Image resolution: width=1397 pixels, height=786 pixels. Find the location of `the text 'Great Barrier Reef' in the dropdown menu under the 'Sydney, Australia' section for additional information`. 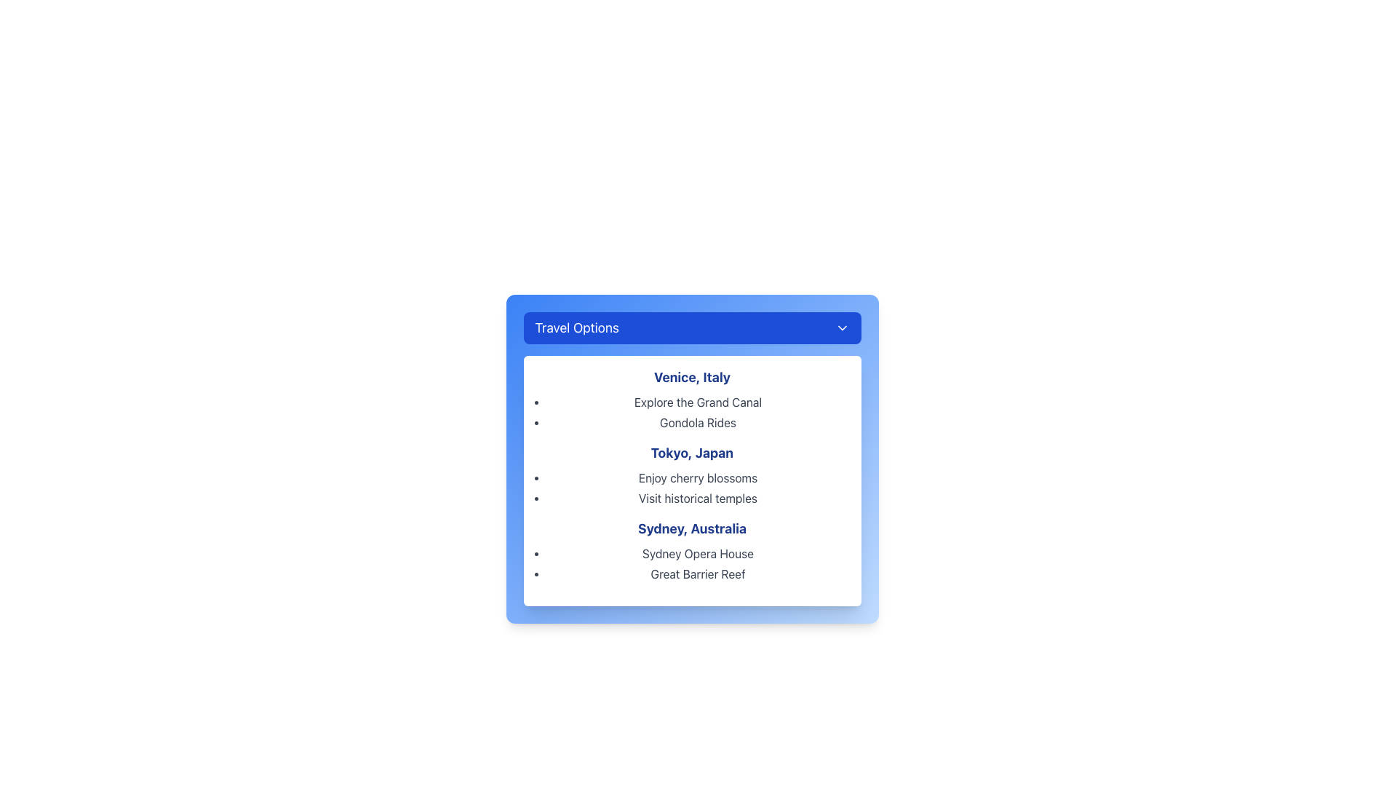

the text 'Great Barrier Reef' in the dropdown menu under the 'Sydney, Australia' section for additional information is located at coordinates (697, 573).